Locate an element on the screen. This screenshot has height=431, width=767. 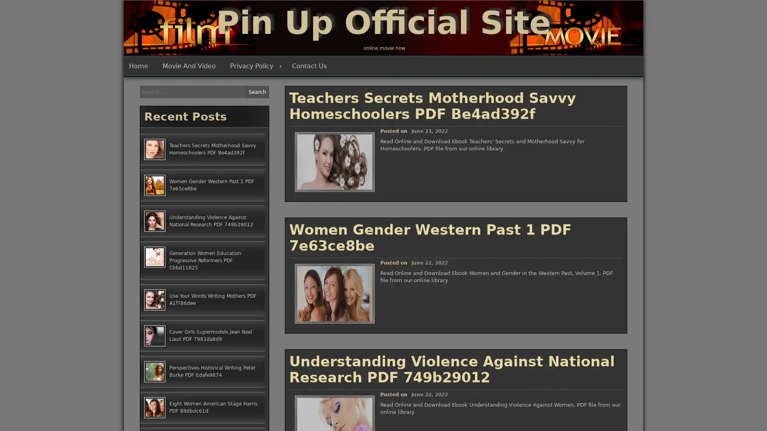
Search is located at coordinates (257, 91).